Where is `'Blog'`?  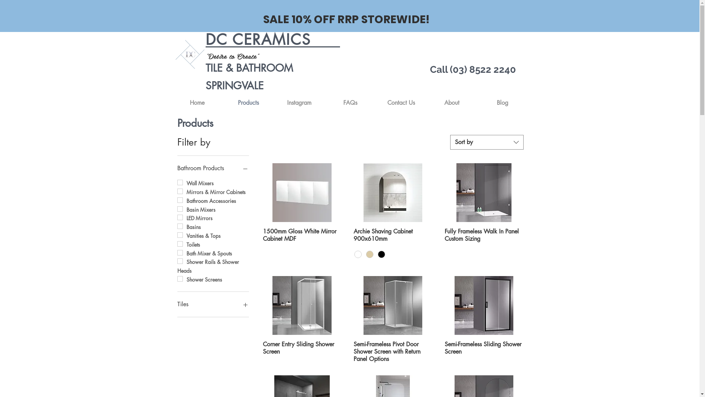 'Blog' is located at coordinates (502, 103).